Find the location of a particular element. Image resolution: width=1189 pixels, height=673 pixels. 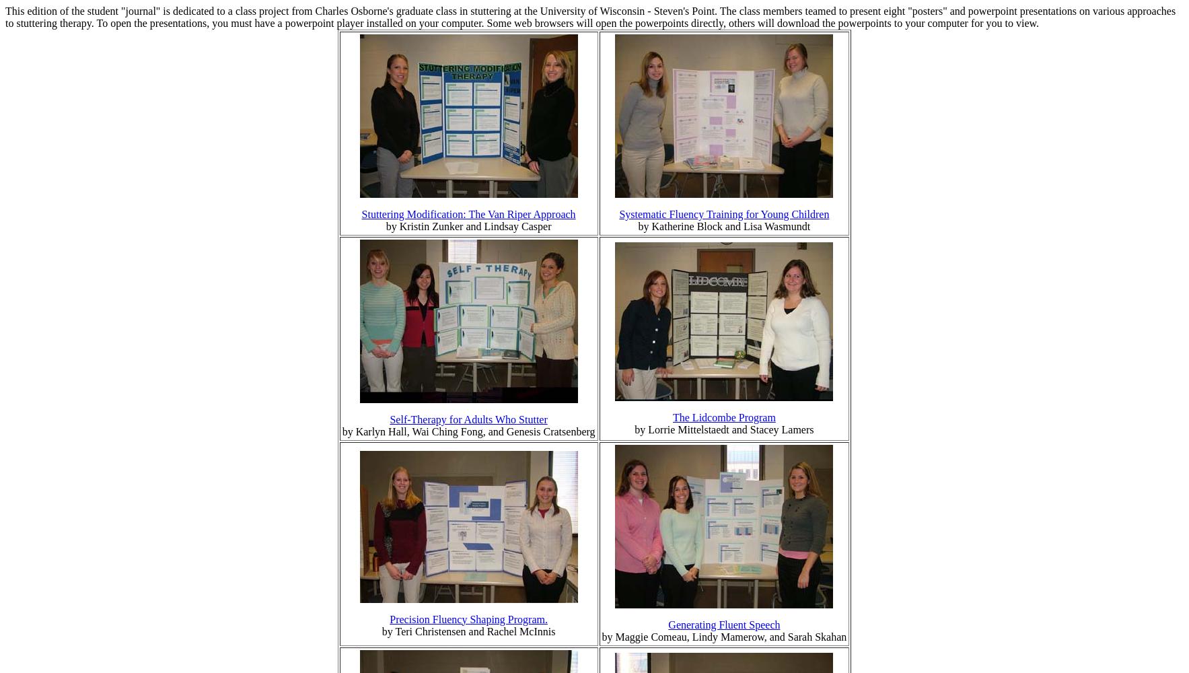

'The Lidcombe Program' is located at coordinates (723, 416).